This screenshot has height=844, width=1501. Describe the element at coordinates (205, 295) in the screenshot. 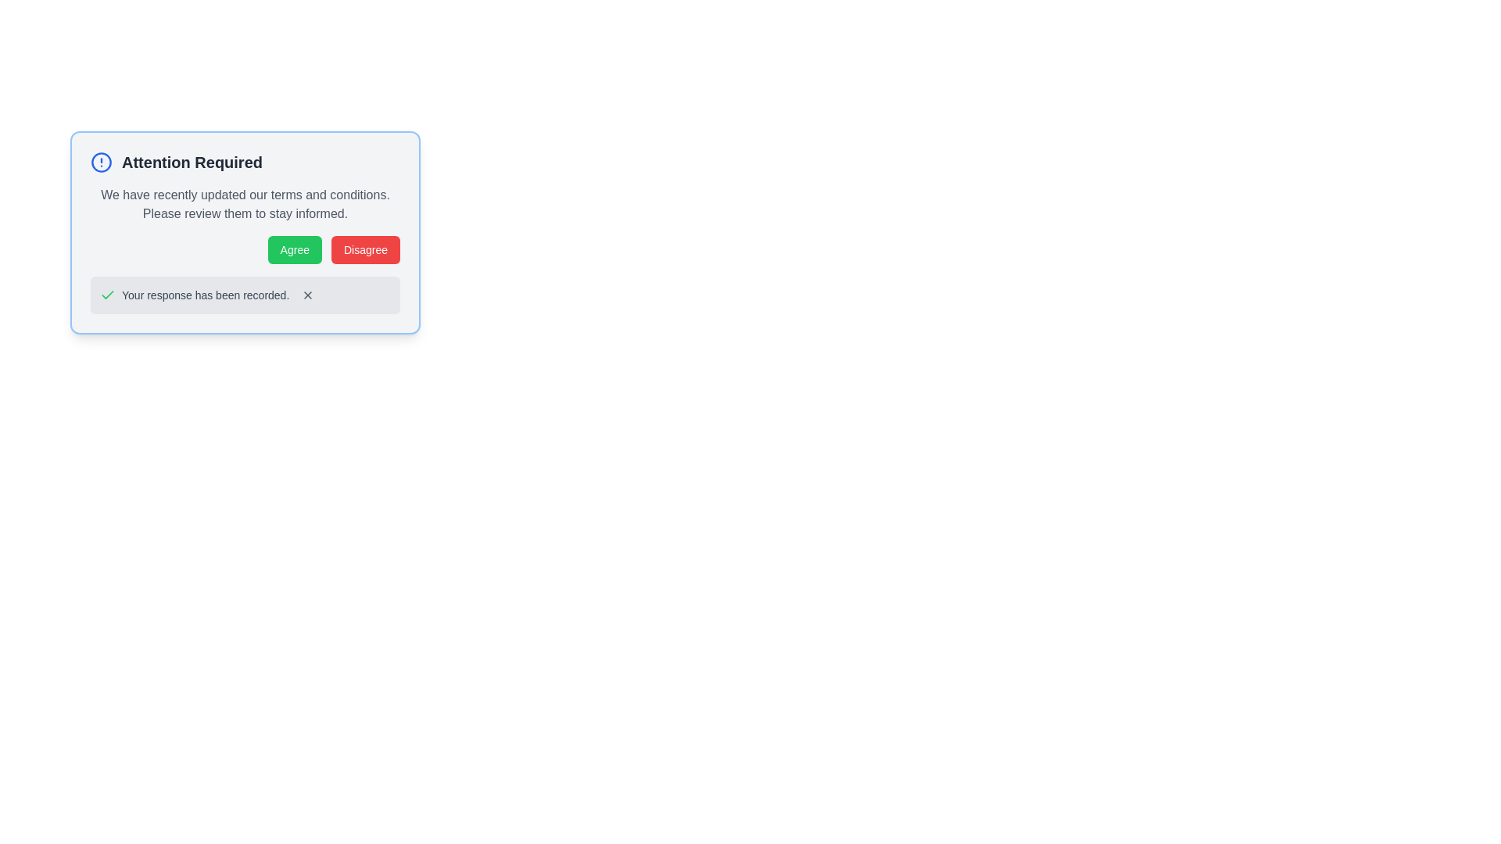

I see `the Text label that states 'Your response has been recorded.', which is styled in a smaller gray font and is located between a green checkmark icon and a small interactive button with an 'X' icon` at that location.